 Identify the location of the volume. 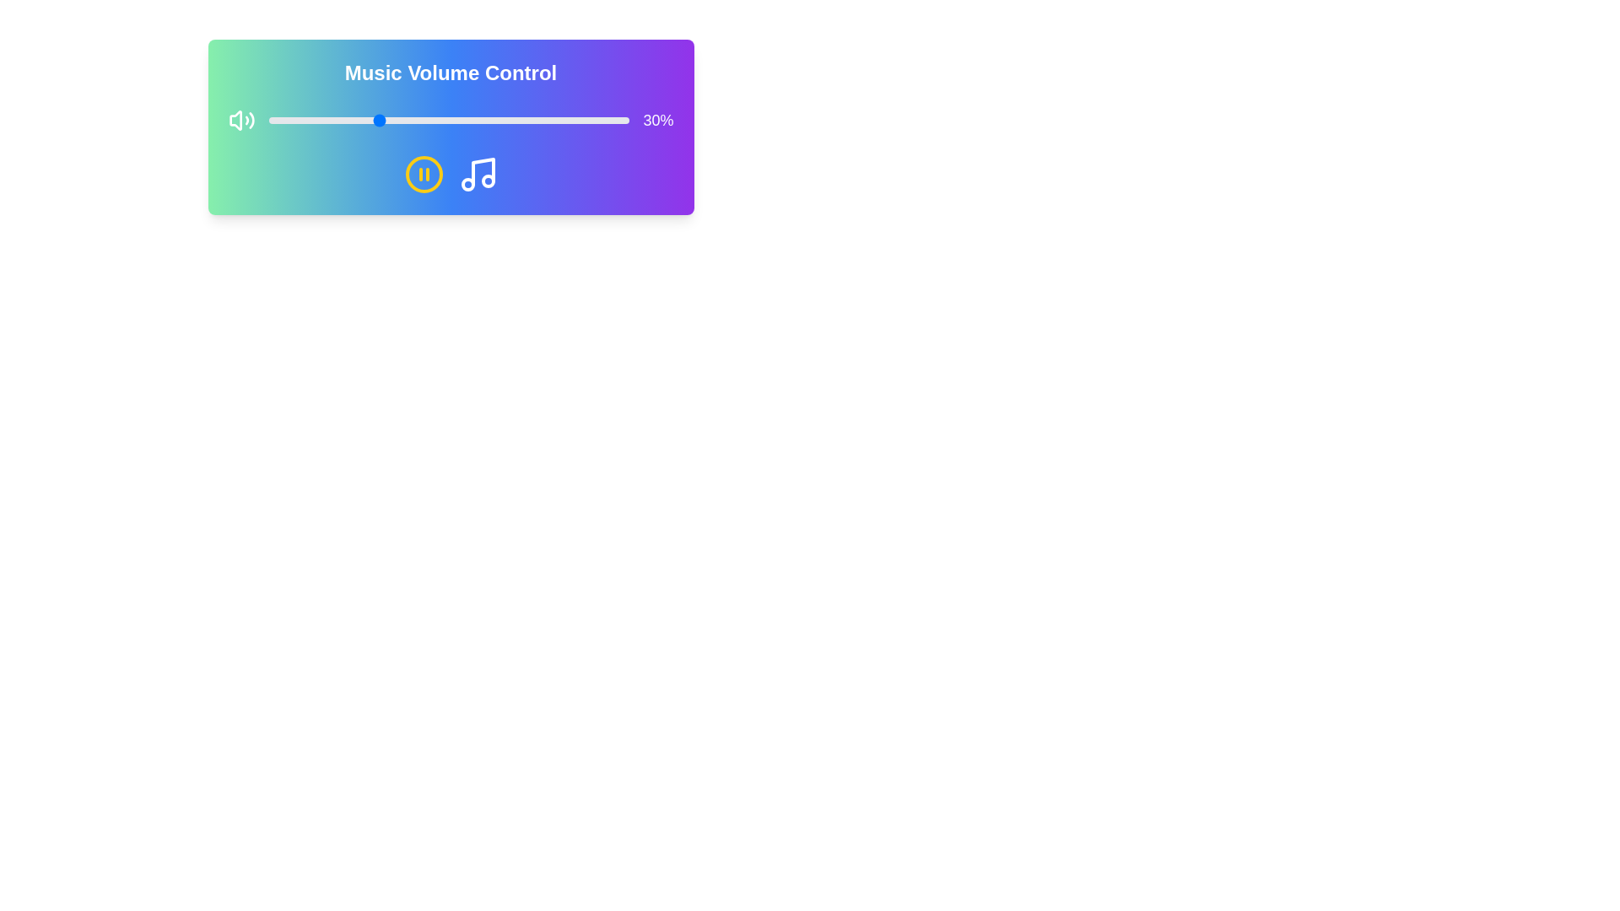
(278, 119).